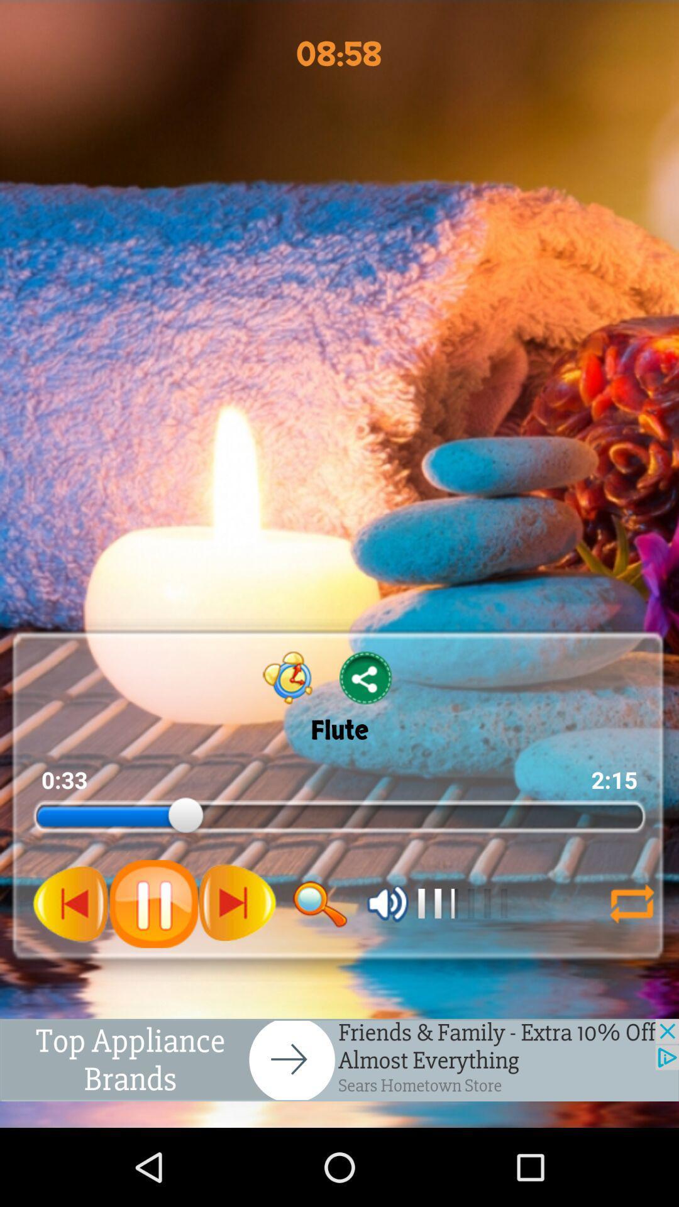 This screenshot has width=679, height=1207. I want to click on next track, so click(237, 903).